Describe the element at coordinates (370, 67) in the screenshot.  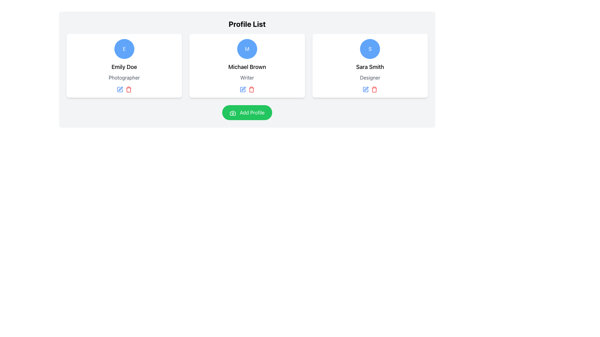
I see `the text label reading 'Sara Smith', which is centrally located in the third profile card from the left, beneath a circular avatar with the letter 'S'` at that location.